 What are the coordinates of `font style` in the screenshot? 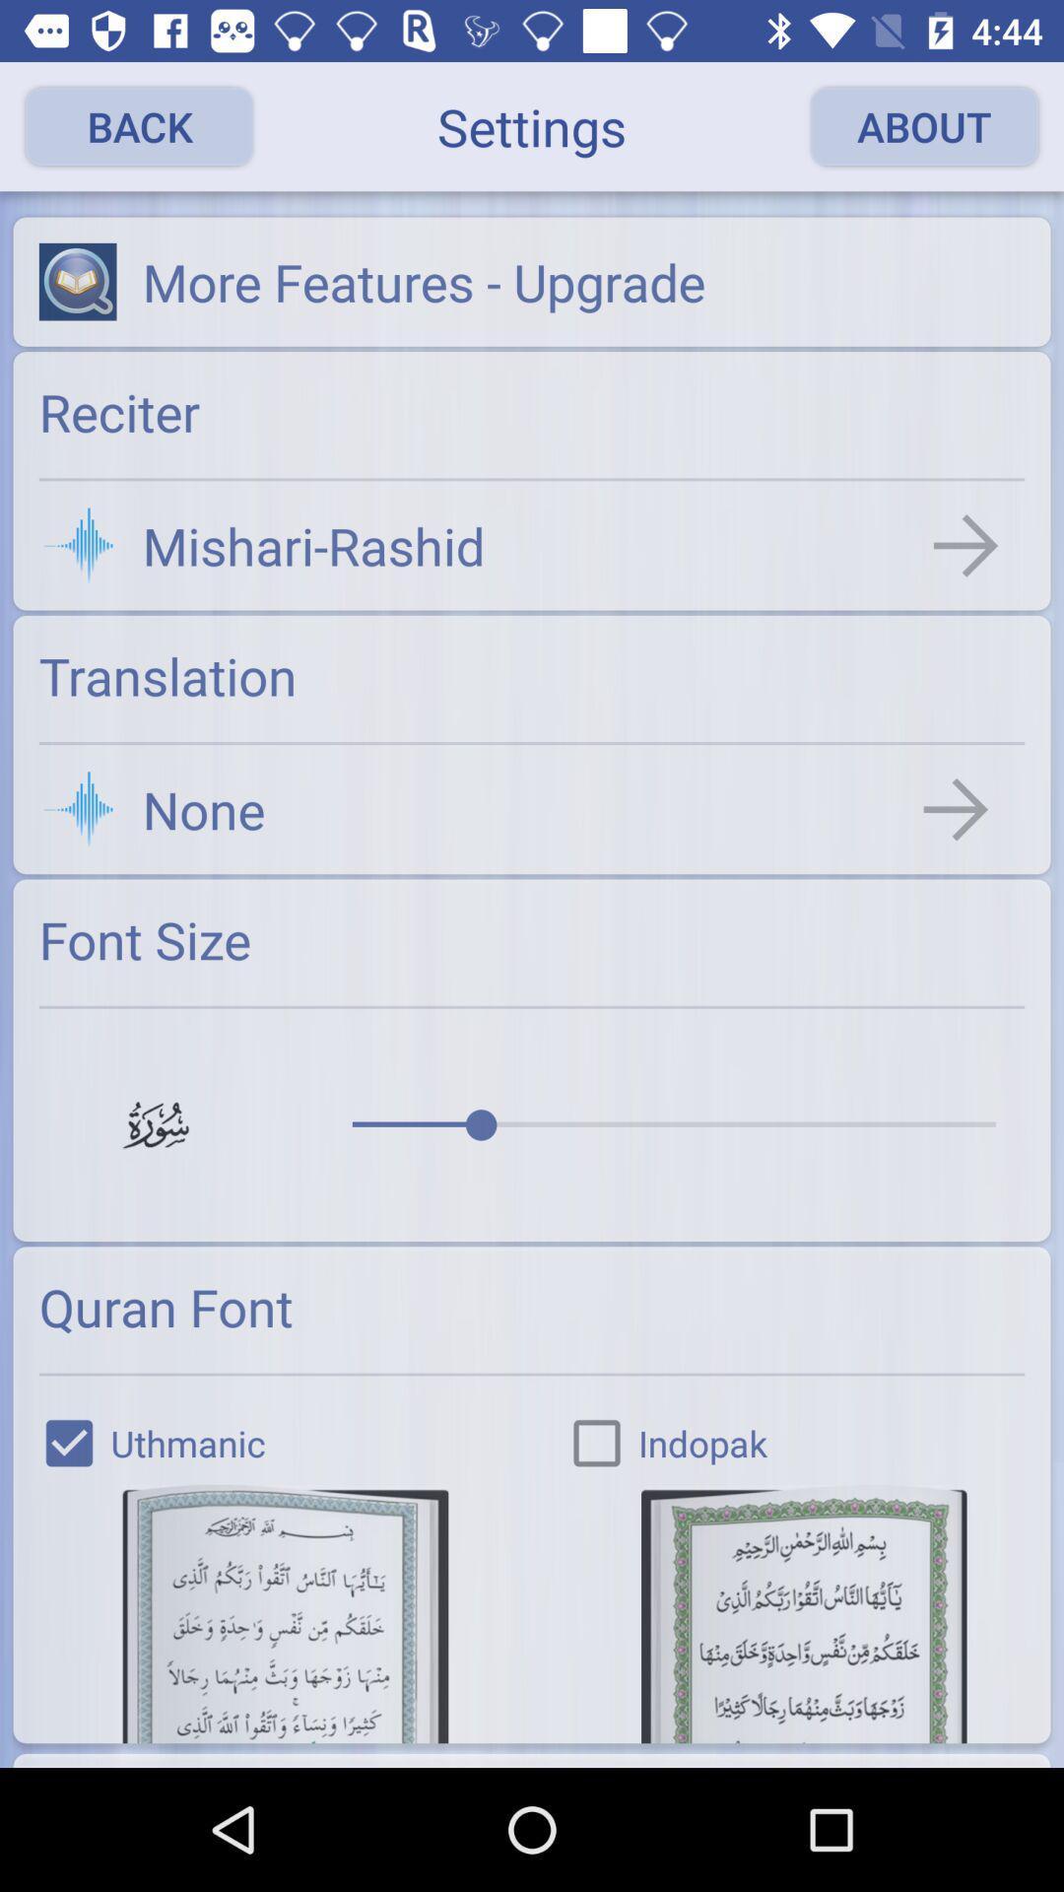 It's located at (285, 1613).